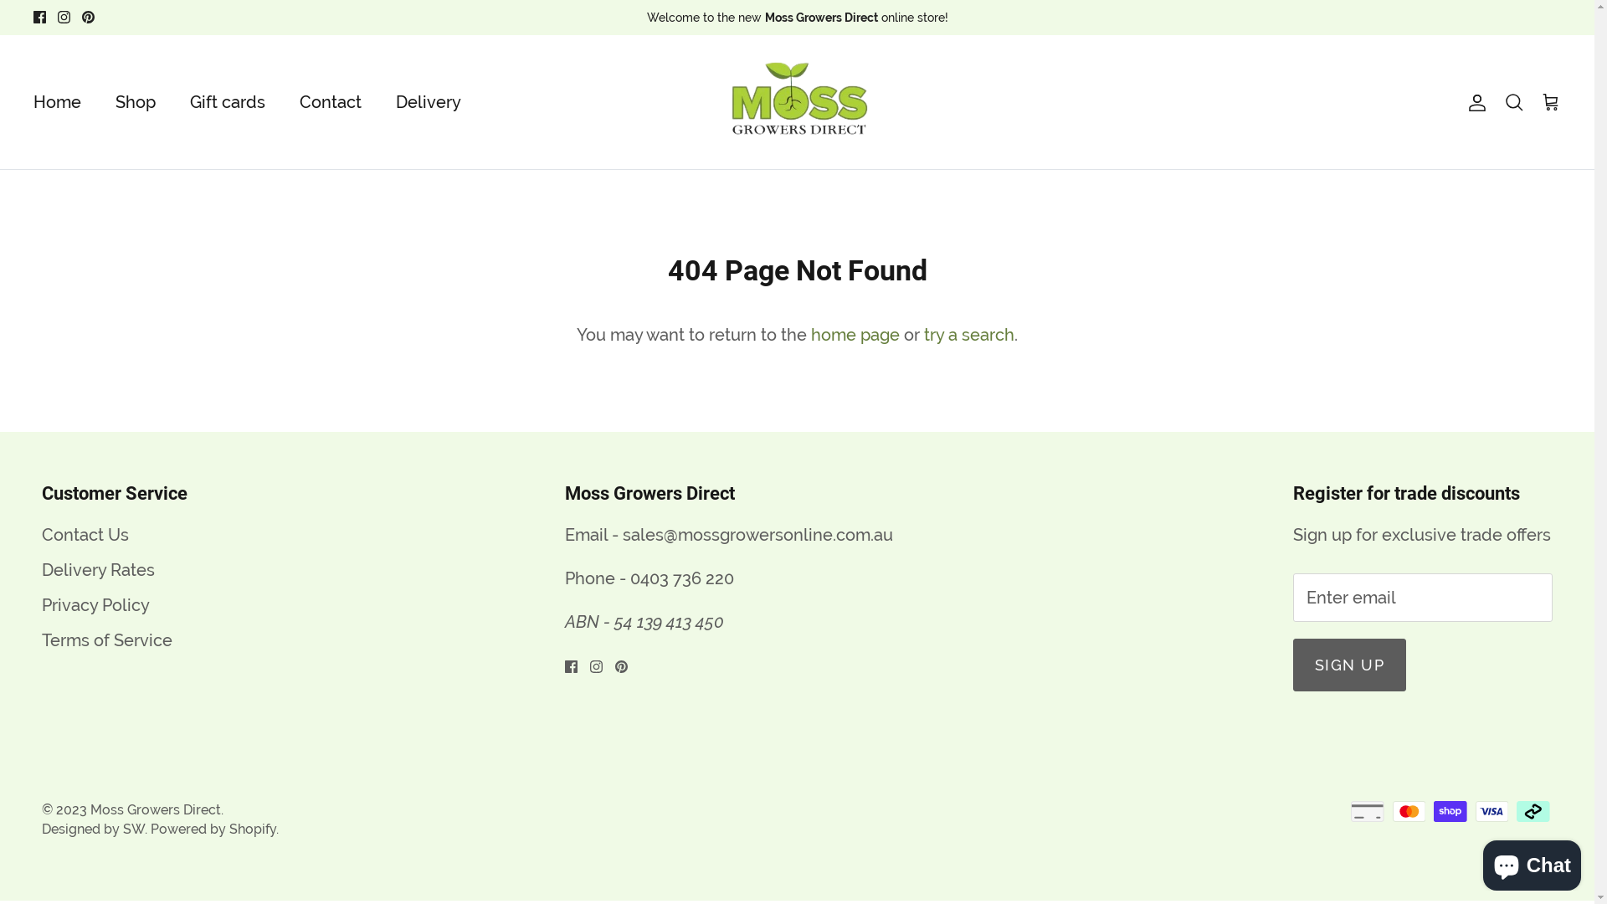  Describe the element at coordinates (87, 17) in the screenshot. I see `'Pinterest'` at that location.